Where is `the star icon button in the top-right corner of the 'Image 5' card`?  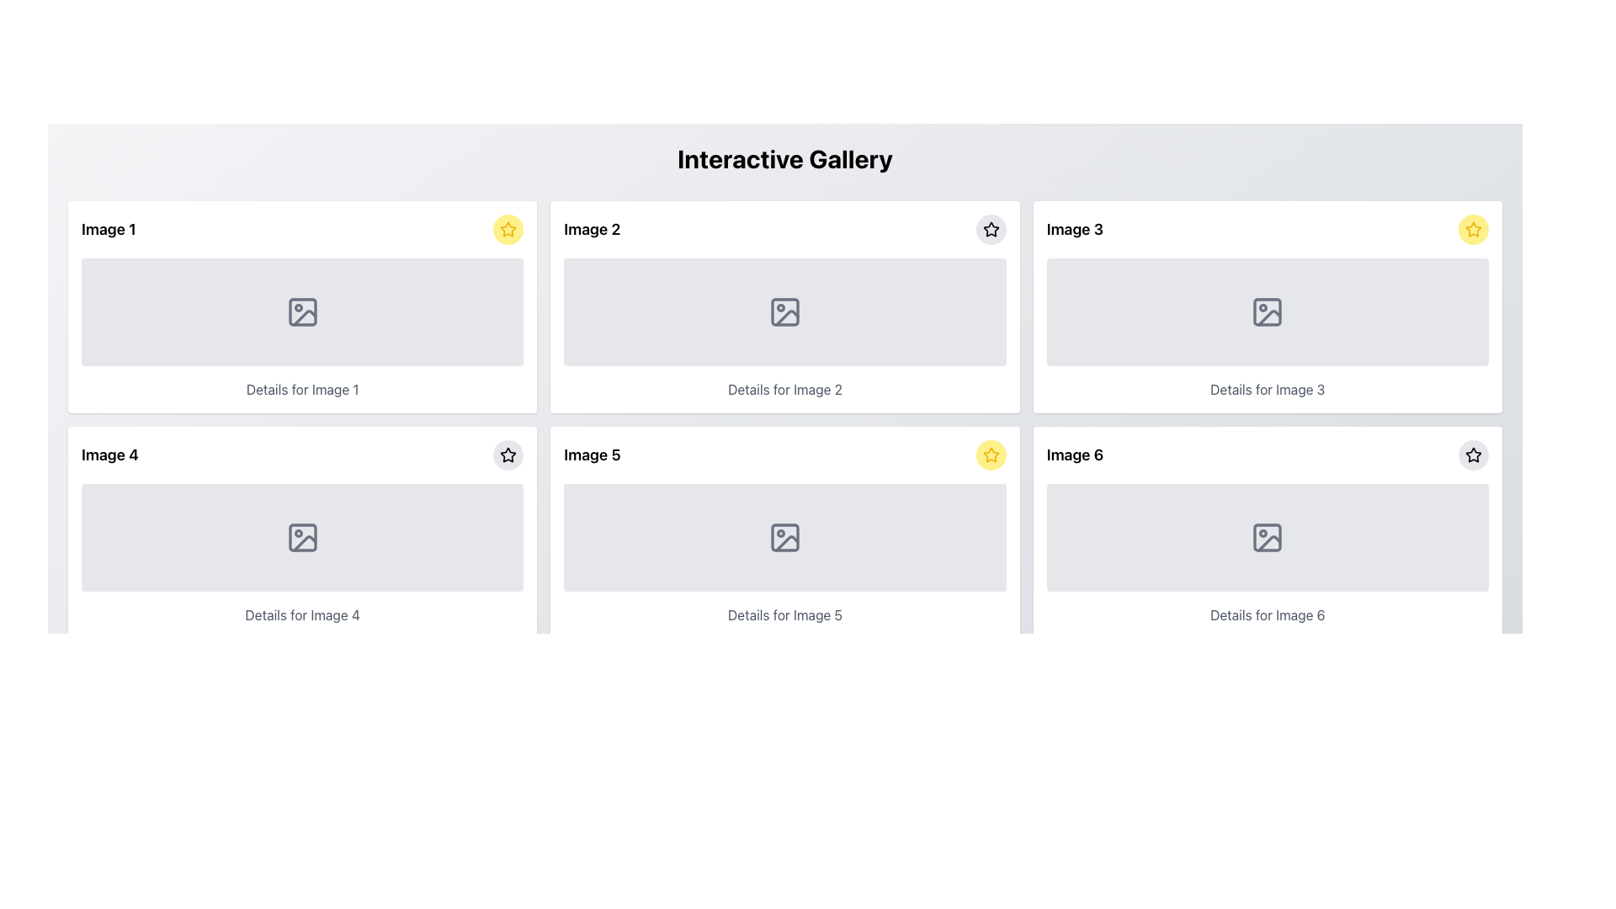
the star icon button in the top-right corner of the 'Image 5' card is located at coordinates (508, 454).